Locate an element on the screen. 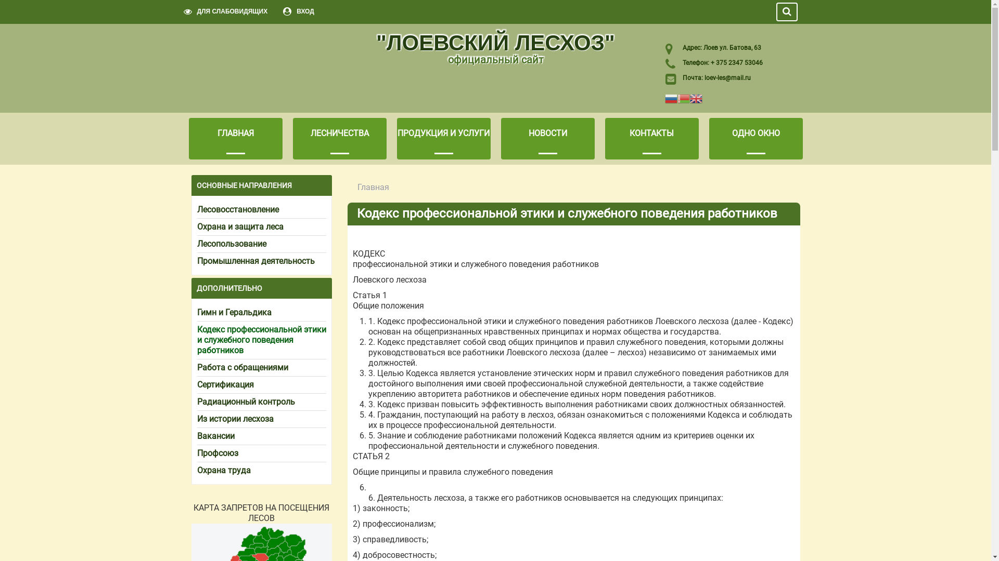 The height and width of the screenshot is (561, 999). 'loev-les@mail.ru' is located at coordinates (727, 77).